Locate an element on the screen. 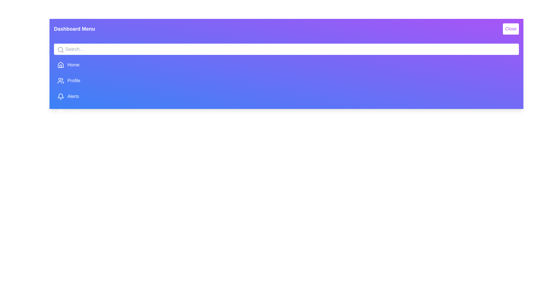 The image size is (540, 304). the Text label indicating the navigation option for user alerts or notifications, positioned below the 'Profile' menu item and aligned with the bell icon is located at coordinates (73, 96).